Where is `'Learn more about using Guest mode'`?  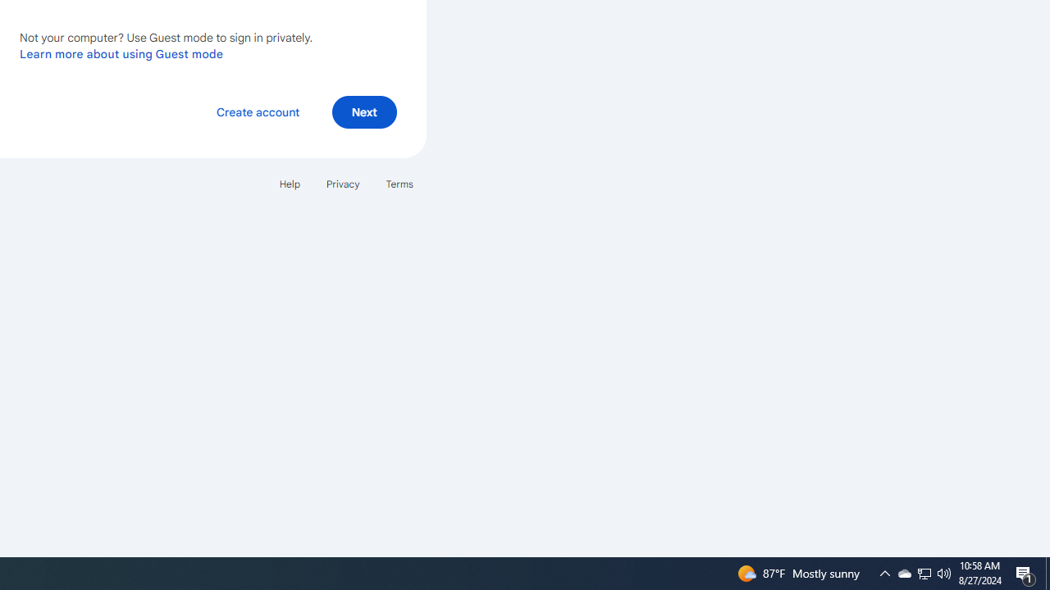
'Learn more about using Guest mode' is located at coordinates (121, 52).